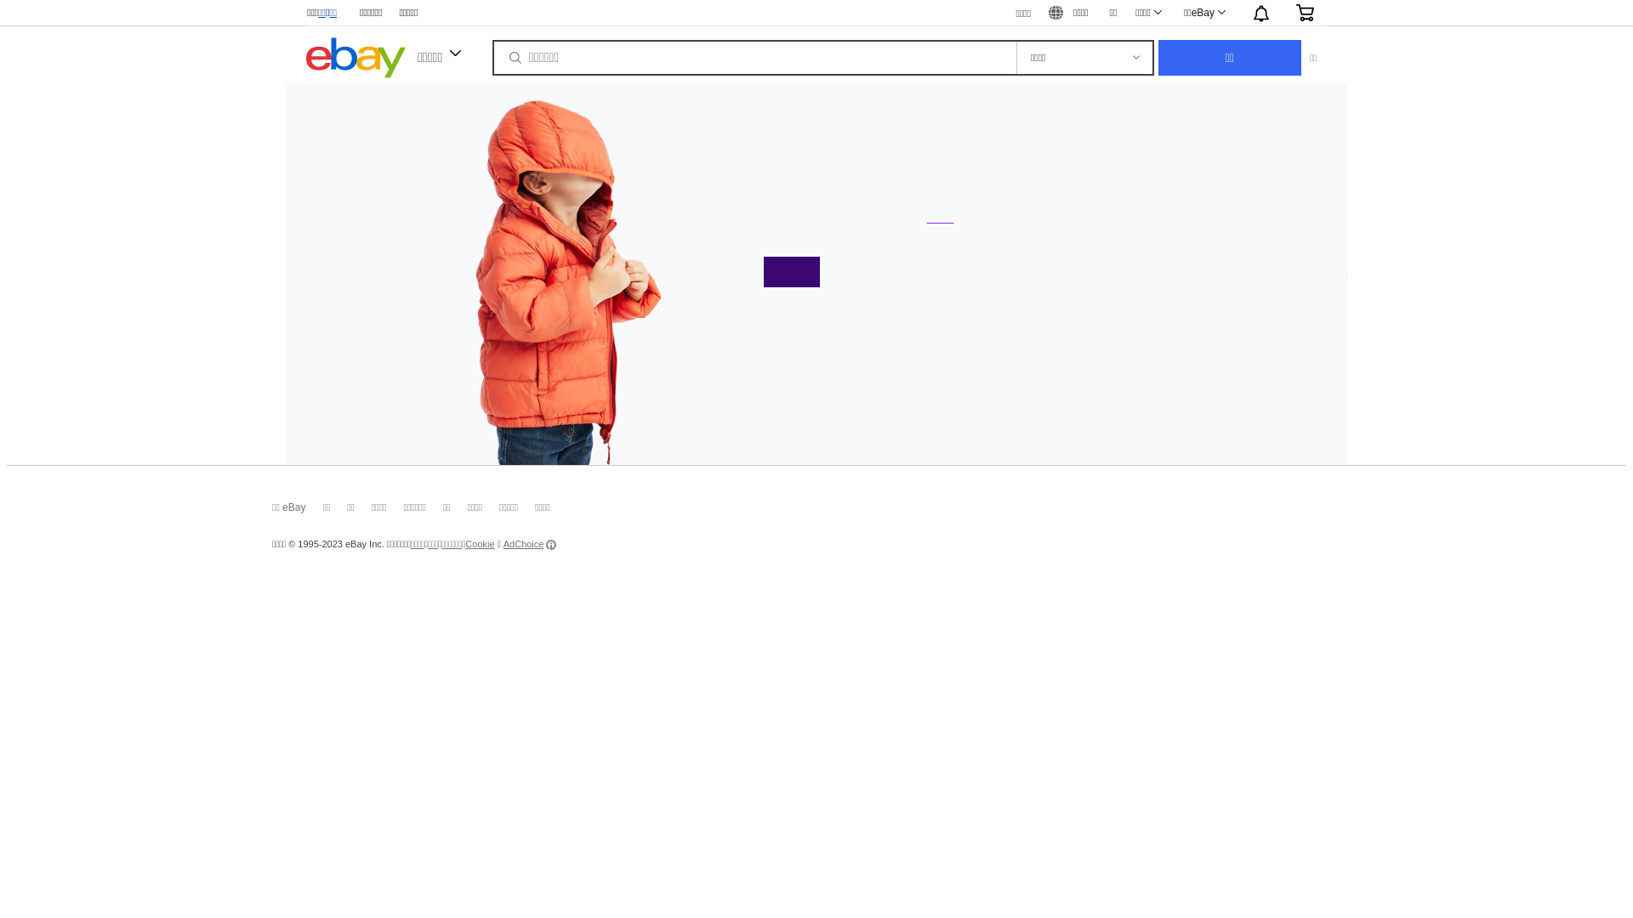  Describe the element at coordinates (502, 544) in the screenshot. I see `'AdChoice'` at that location.